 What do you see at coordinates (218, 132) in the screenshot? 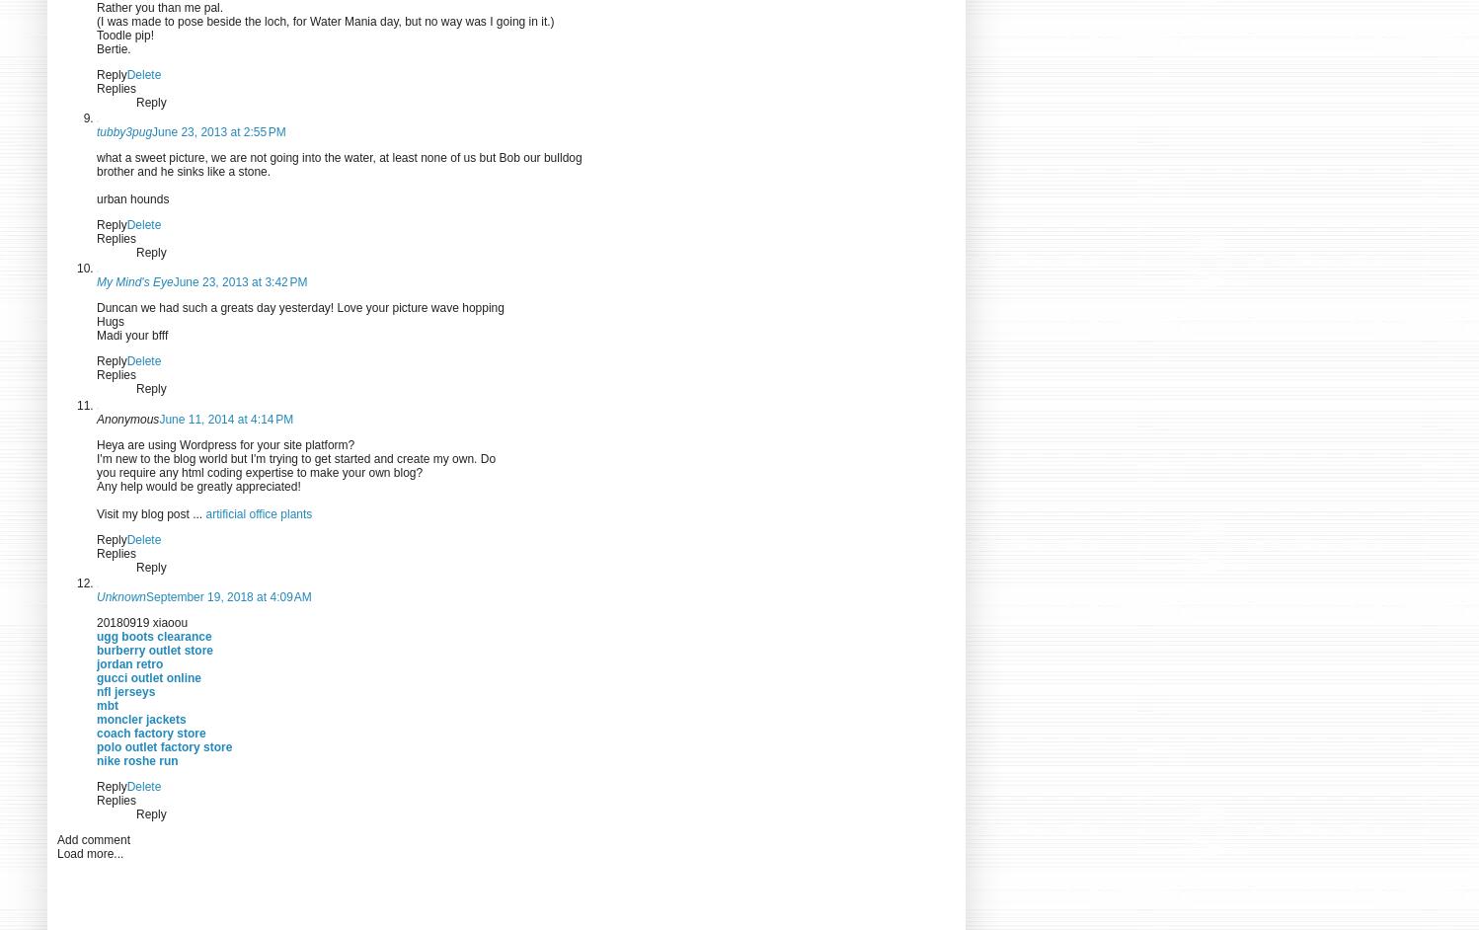
I see `'June 23, 2013 at 2:55 PM'` at bounding box center [218, 132].